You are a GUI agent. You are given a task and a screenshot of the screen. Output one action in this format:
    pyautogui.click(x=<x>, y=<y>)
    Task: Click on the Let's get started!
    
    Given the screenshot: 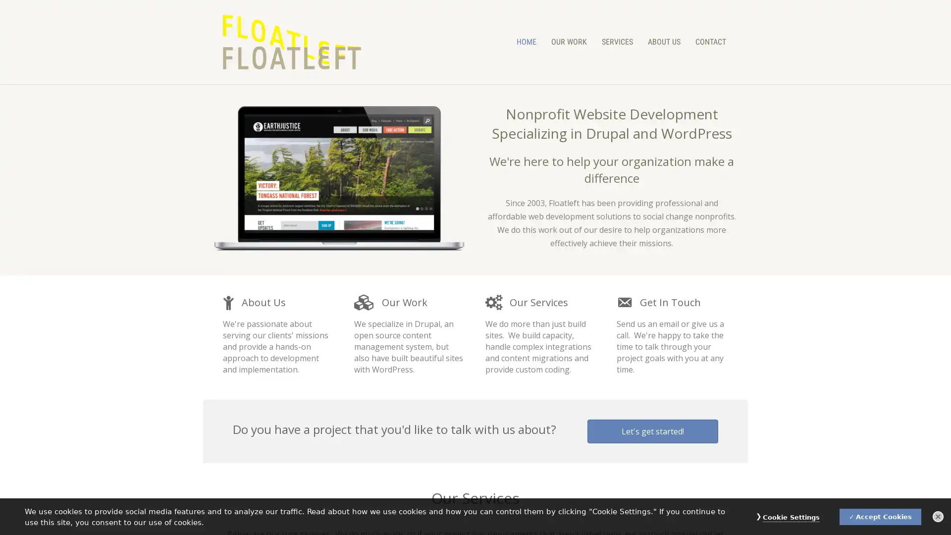 What is the action you would take?
    pyautogui.click(x=653, y=431)
    